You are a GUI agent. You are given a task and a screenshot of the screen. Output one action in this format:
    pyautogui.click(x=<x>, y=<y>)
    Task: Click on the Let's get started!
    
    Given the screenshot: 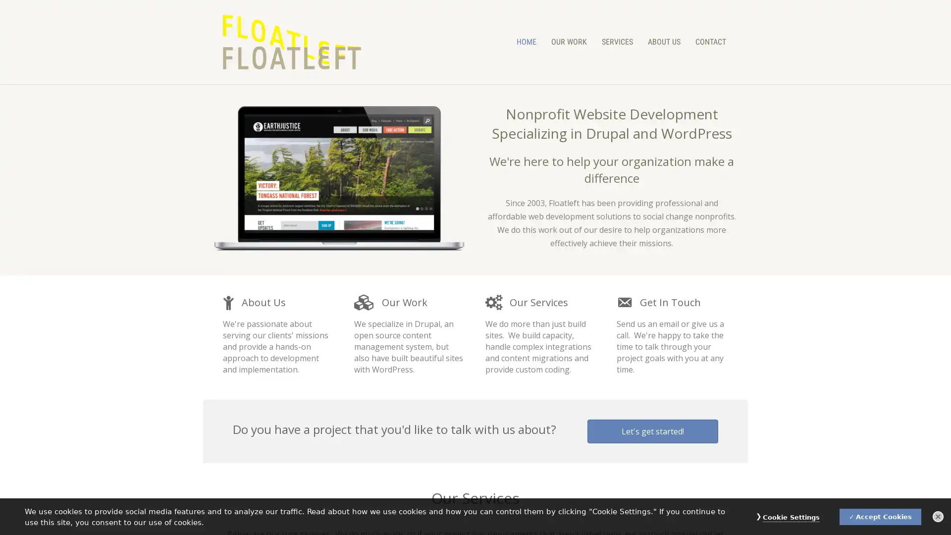 What is the action you would take?
    pyautogui.click(x=653, y=431)
    